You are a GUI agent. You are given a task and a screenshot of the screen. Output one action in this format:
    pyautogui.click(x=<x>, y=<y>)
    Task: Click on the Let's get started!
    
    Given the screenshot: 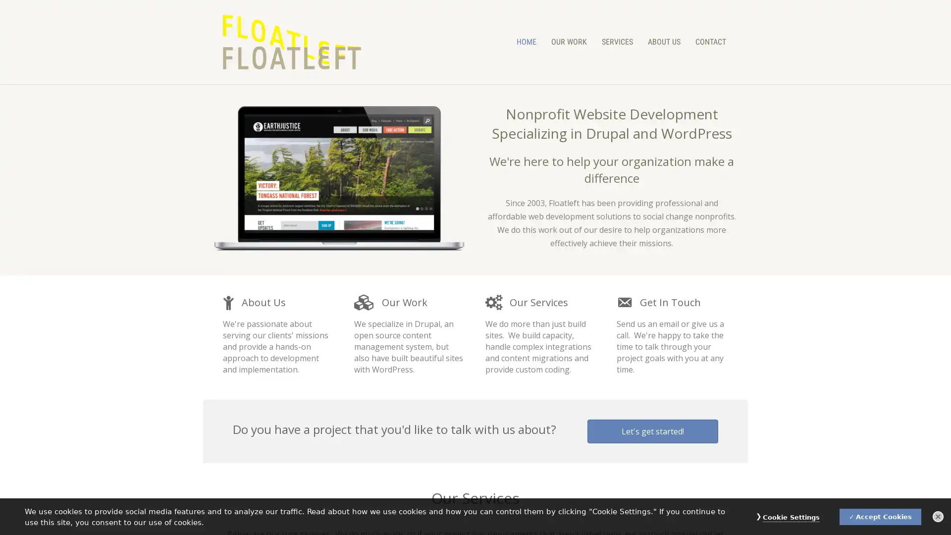 What is the action you would take?
    pyautogui.click(x=653, y=431)
    